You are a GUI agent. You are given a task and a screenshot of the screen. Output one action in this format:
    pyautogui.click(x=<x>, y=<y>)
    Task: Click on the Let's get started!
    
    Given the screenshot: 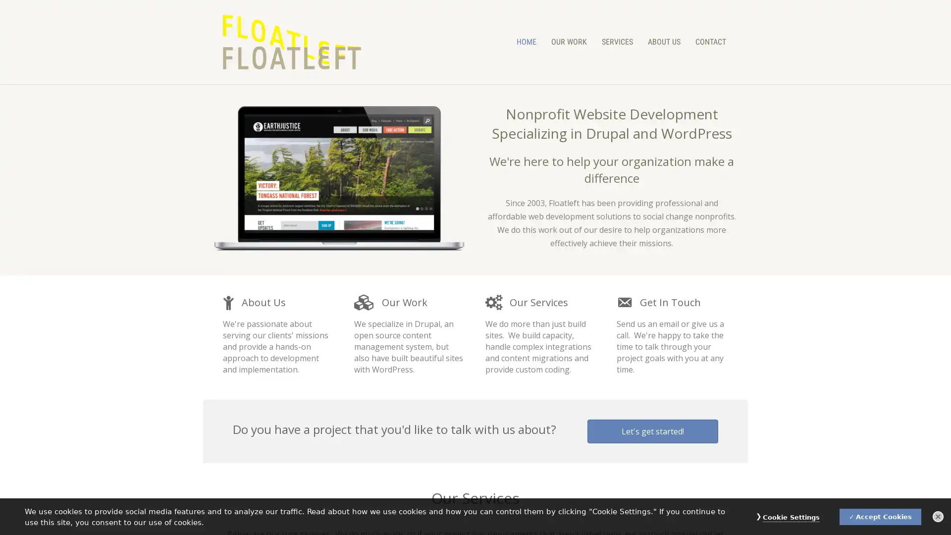 What is the action you would take?
    pyautogui.click(x=653, y=431)
    